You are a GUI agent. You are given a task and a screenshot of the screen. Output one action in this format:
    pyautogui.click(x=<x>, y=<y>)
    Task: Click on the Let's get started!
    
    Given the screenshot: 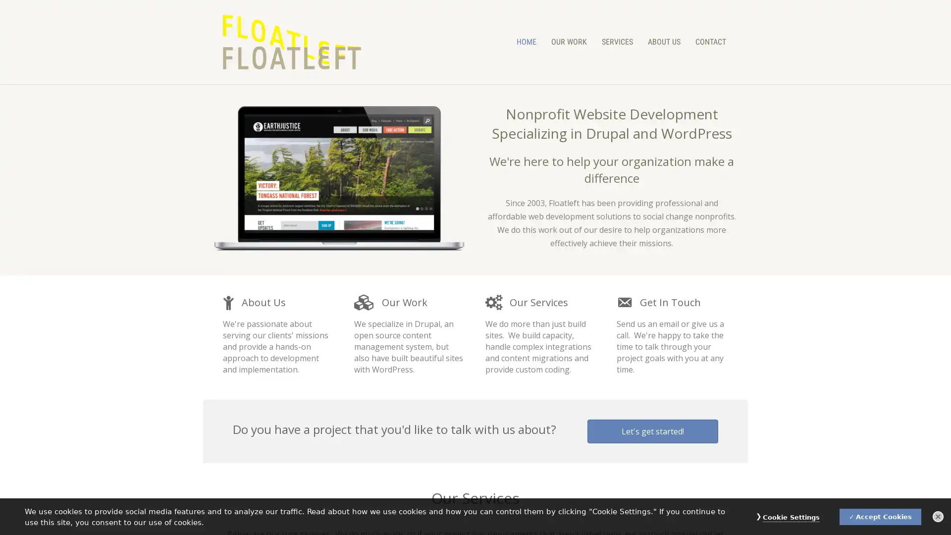 What is the action you would take?
    pyautogui.click(x=653, y=431)
    